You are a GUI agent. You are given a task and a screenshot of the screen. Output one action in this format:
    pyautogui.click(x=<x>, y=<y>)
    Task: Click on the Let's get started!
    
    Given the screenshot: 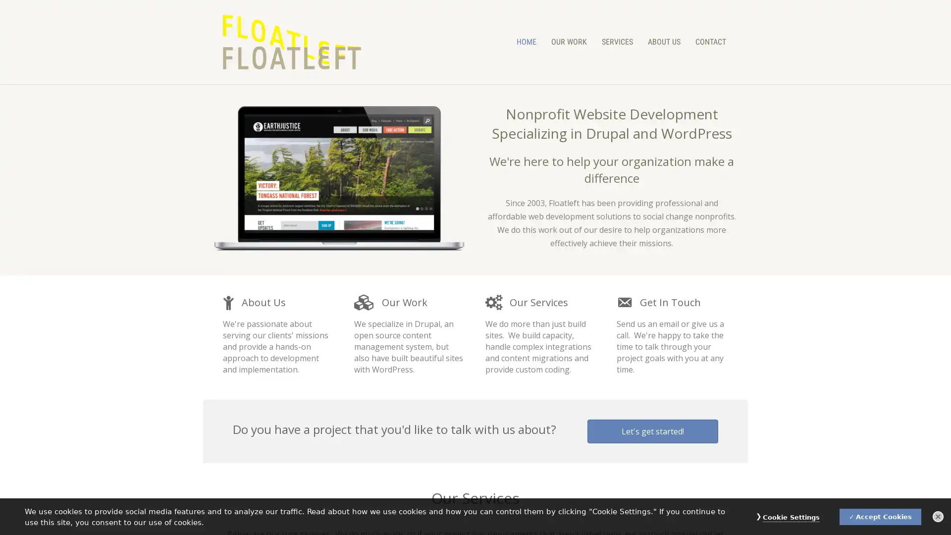 What is the action you would take?
    pyautogui.click(x=653, y=431)
    